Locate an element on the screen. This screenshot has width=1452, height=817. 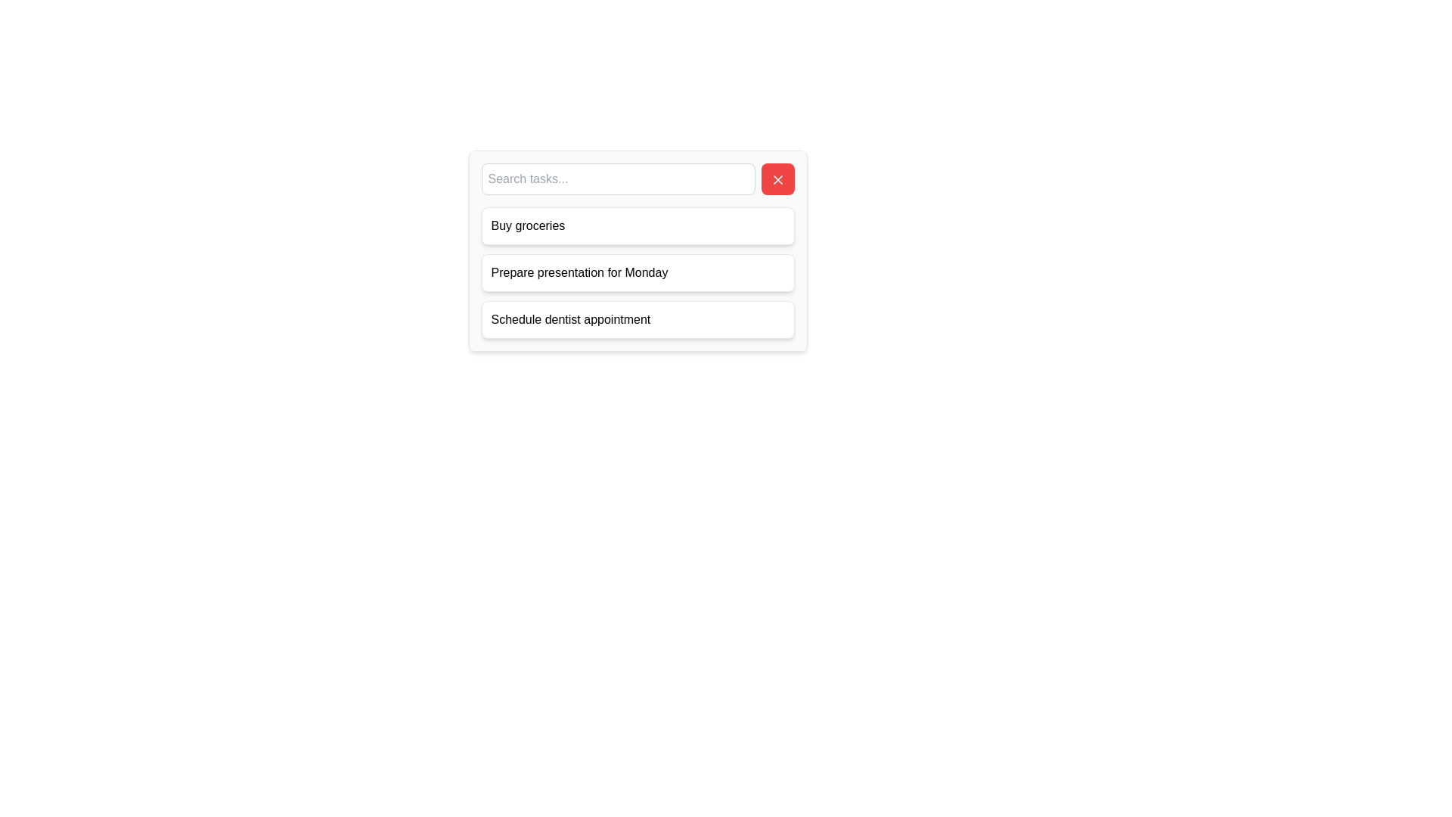
the non-interactive text label displaying 'Prepare presentation for Monday', which is styled in plain black text on a white background and located in the second row of a vertically stacked list is located at coordinates (579, 273).